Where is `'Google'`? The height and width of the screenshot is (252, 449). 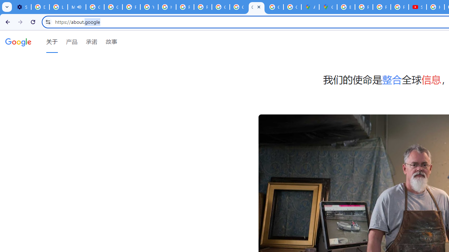 'Google' is located at coordinates (18, 42).